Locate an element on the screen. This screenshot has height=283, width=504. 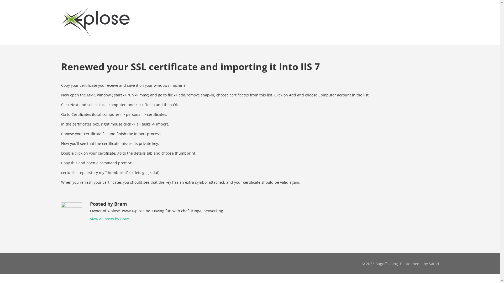
'View all posts by Bram' is located at coordinates (109, 219).